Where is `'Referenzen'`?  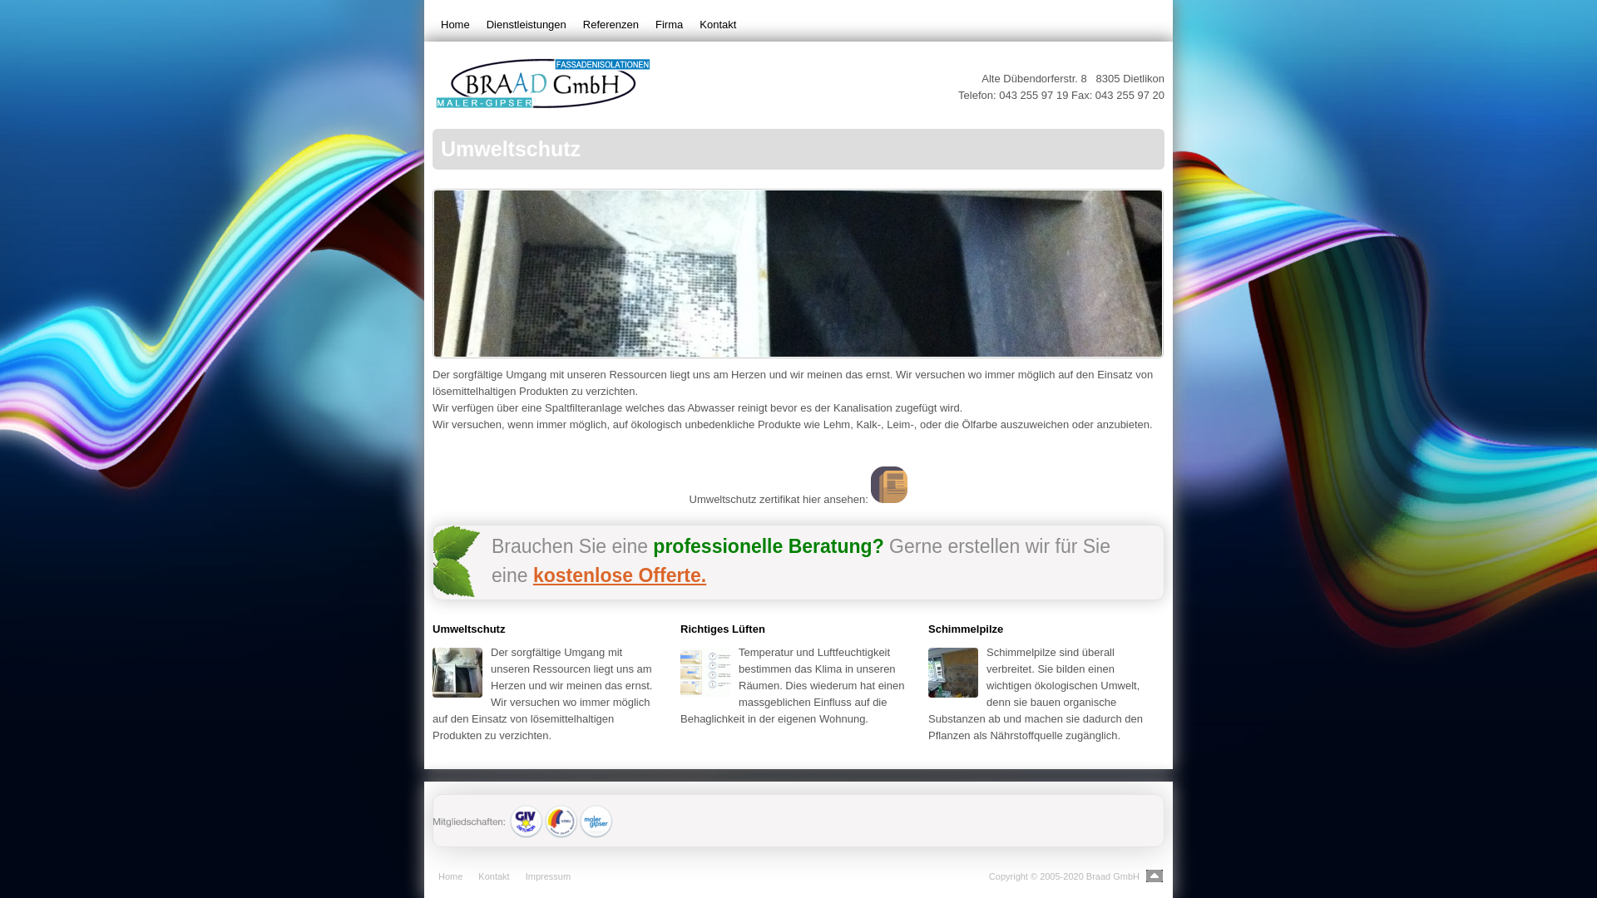 'Referenzen' is located at coordinates (610, 25).